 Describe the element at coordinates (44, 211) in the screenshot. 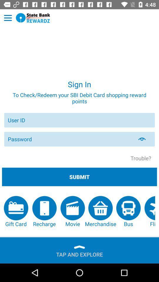

I see `the recharge icon` at that location.